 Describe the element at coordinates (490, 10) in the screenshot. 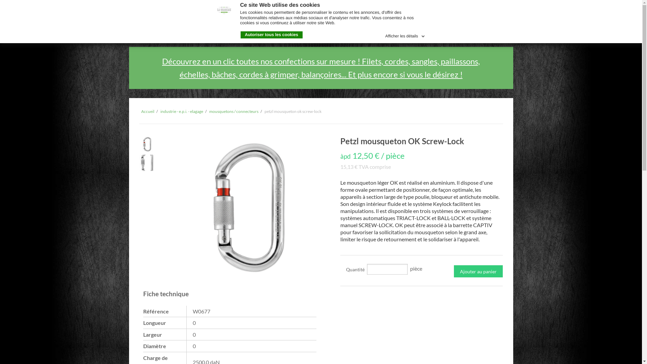

I see `'fr'` at that location.